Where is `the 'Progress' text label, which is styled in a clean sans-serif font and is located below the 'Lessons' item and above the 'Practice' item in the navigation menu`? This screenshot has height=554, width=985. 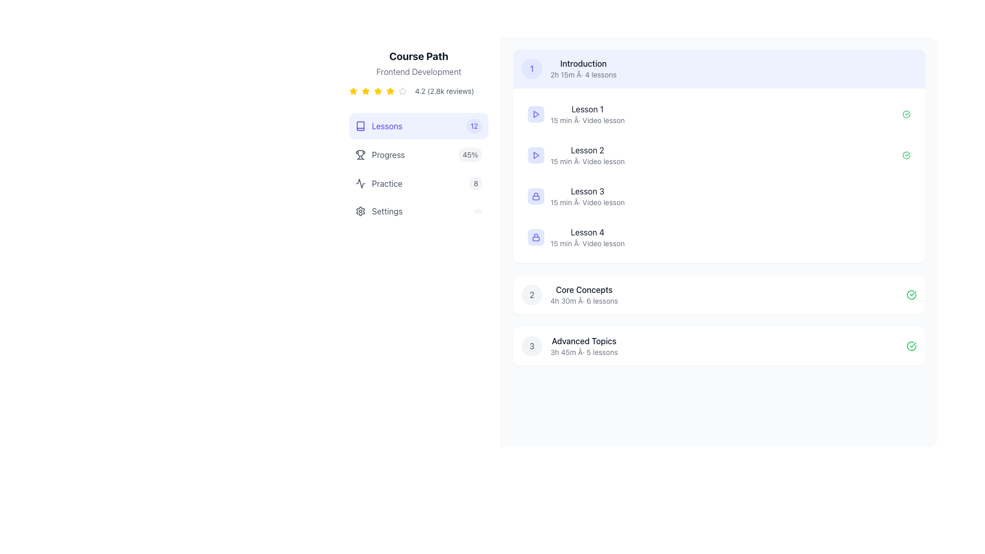 the 'Progress' text label, which is styled in a clean sans-serif font and is located below the 'Lessons' item and above the 'Practice' item in the navigation menu is located at coordinates (388, 154).